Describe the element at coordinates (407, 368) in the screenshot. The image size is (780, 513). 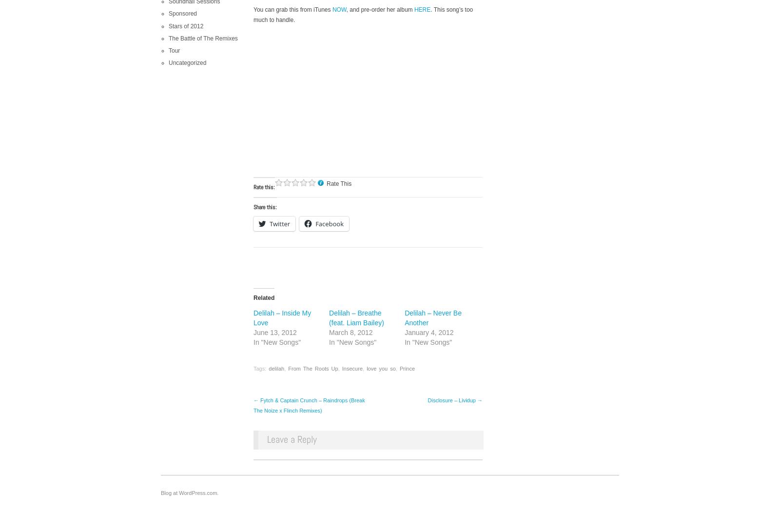
I see `'Prince'` at that location.